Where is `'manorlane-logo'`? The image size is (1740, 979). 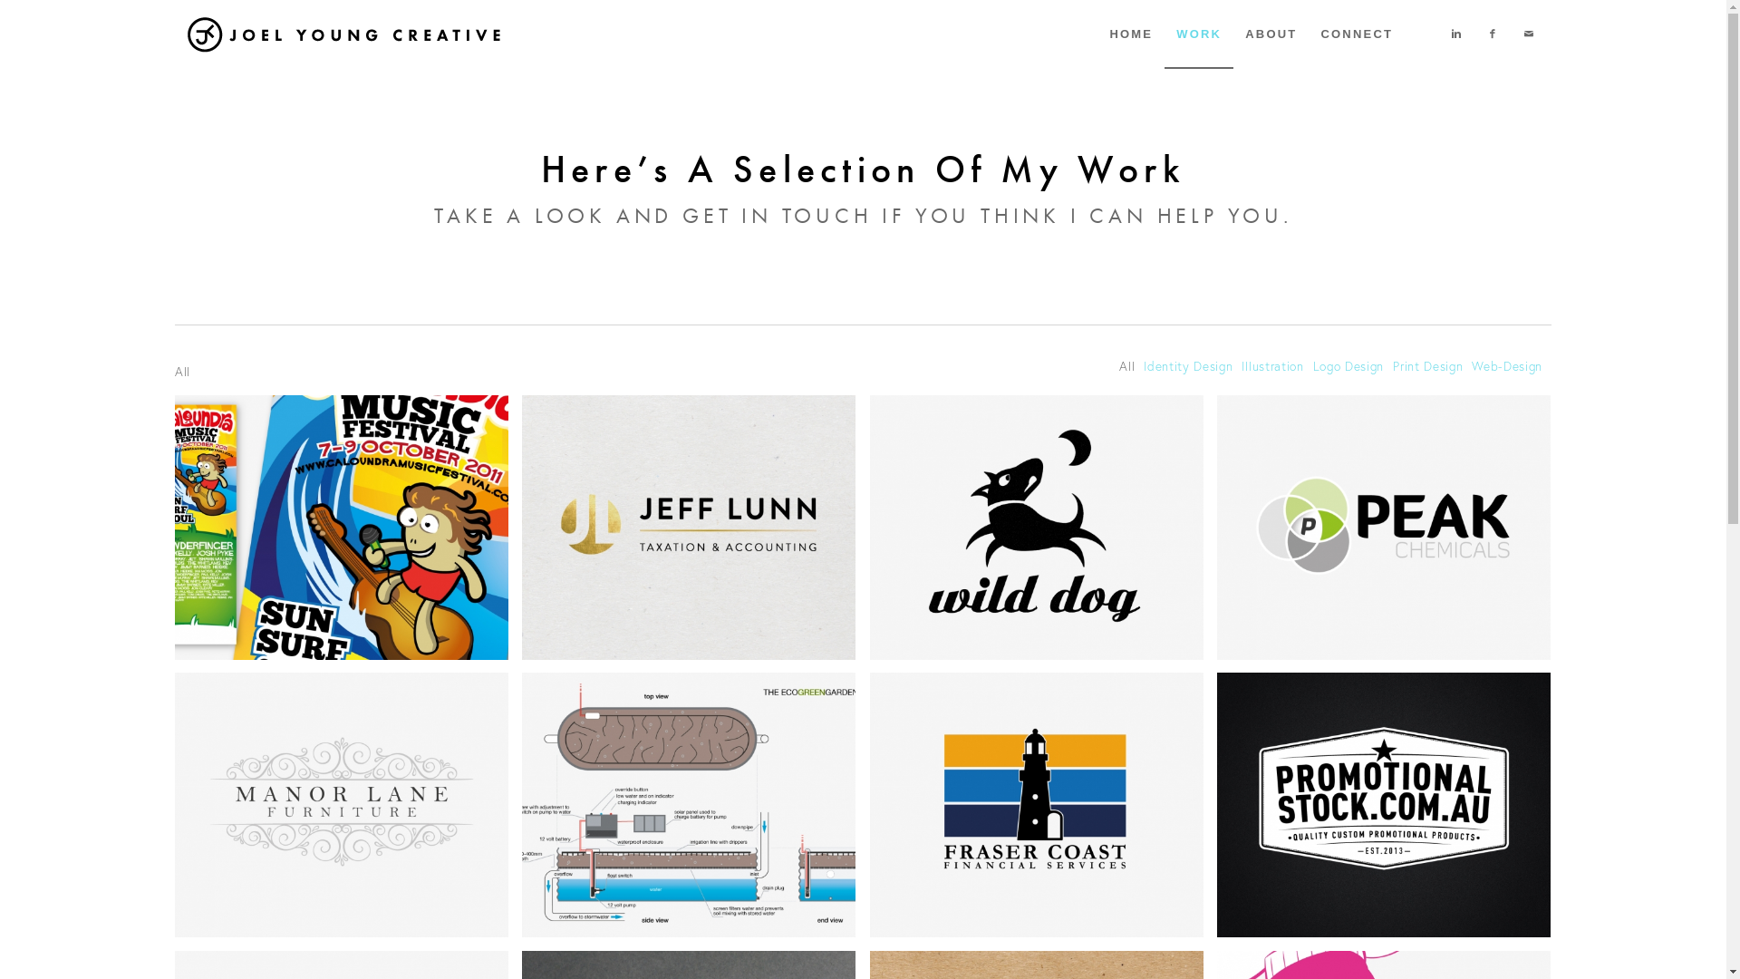 'manorlane-logo' is located at coordinates (348, 810).